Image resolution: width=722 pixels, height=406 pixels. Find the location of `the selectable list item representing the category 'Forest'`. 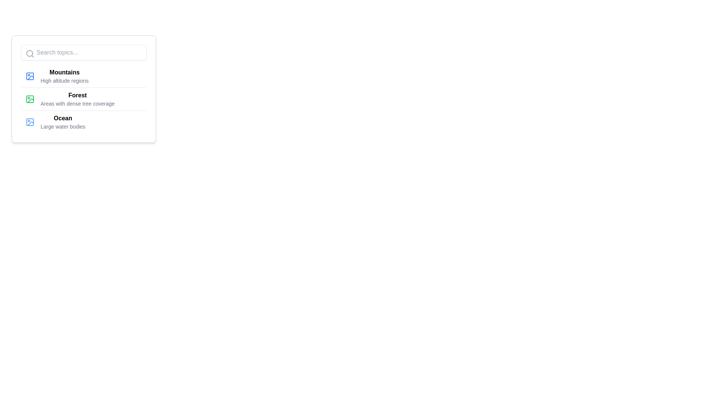

the selectable list item representing the category 'Forest' is located at coordinates (83, 98).